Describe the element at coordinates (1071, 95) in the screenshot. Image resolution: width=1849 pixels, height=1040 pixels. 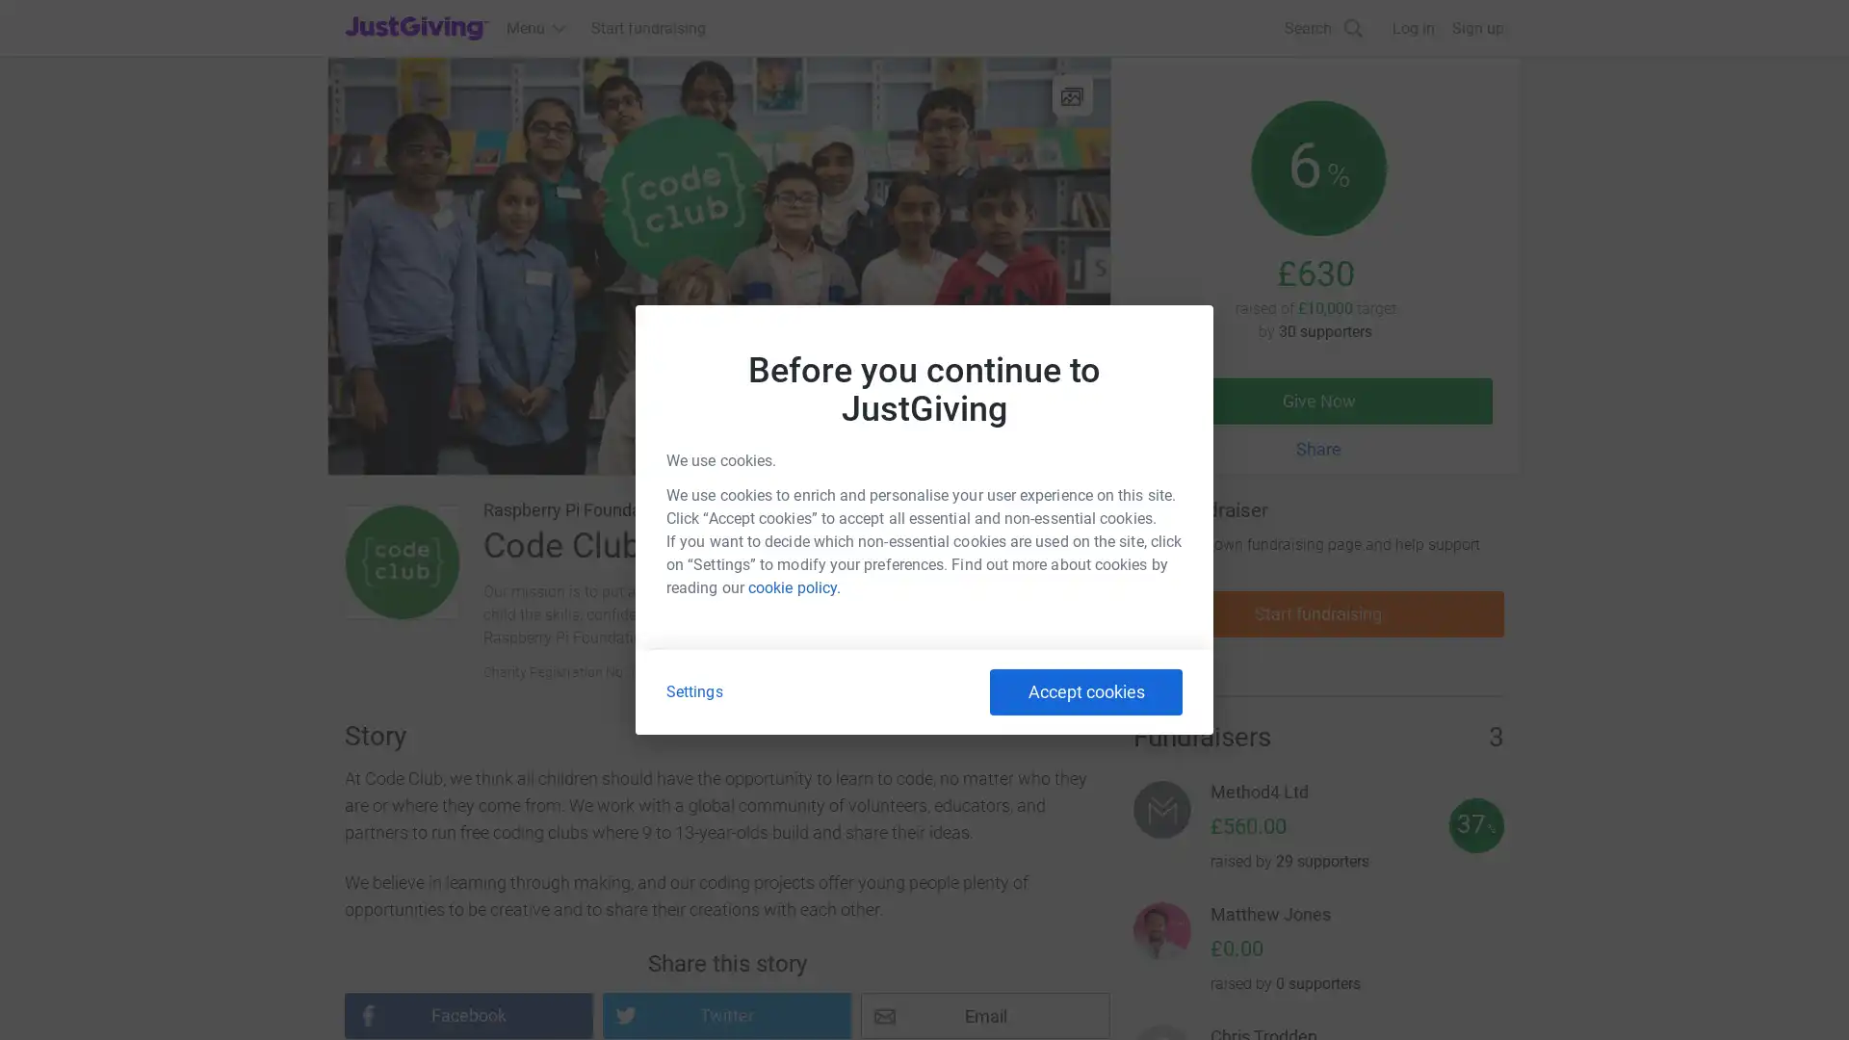
I see `Open the Image Gallery` at that location.